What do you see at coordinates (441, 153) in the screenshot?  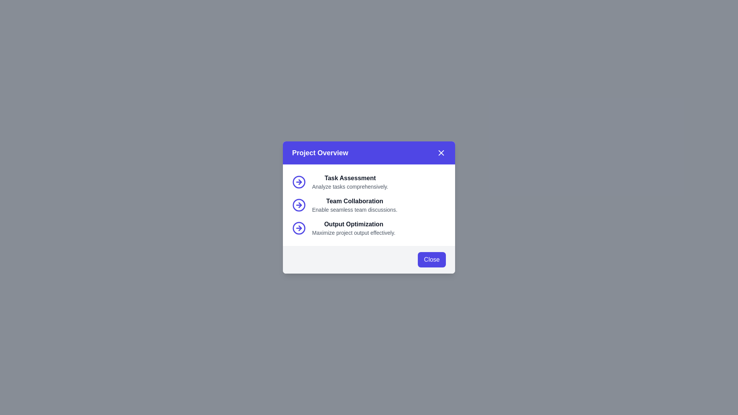 I see `the close icon located in the top-right corner of the 'Project Overview' modal window's purple header section` at bounding box center [441, 153].